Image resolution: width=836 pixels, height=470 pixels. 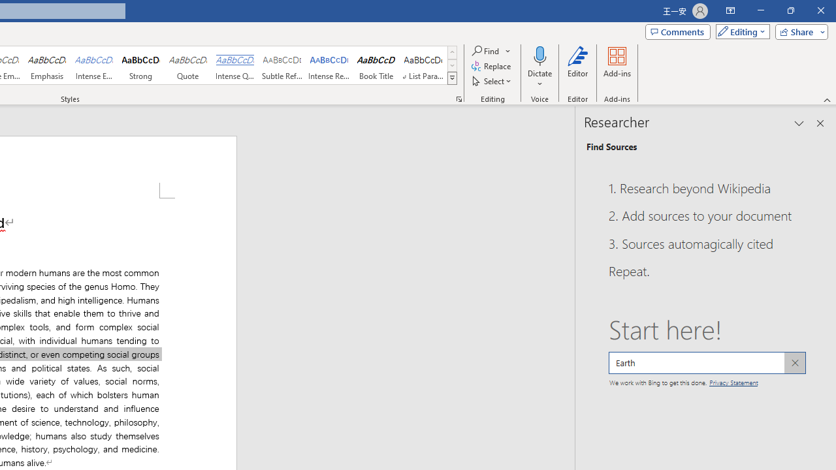 I want to click on 'Strong', so click(x=141, y=65).